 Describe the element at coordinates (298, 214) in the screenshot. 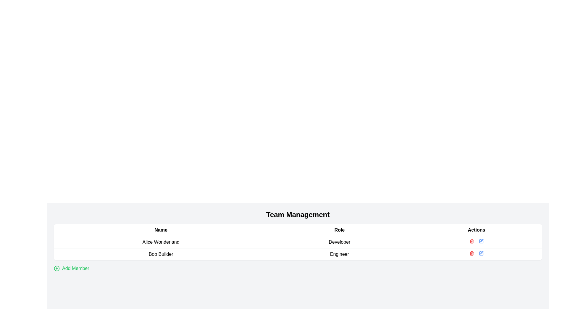

I see `the bold header text displaying 'Team Management' at the top of the main content area, which is aligned above a data table` at that location.